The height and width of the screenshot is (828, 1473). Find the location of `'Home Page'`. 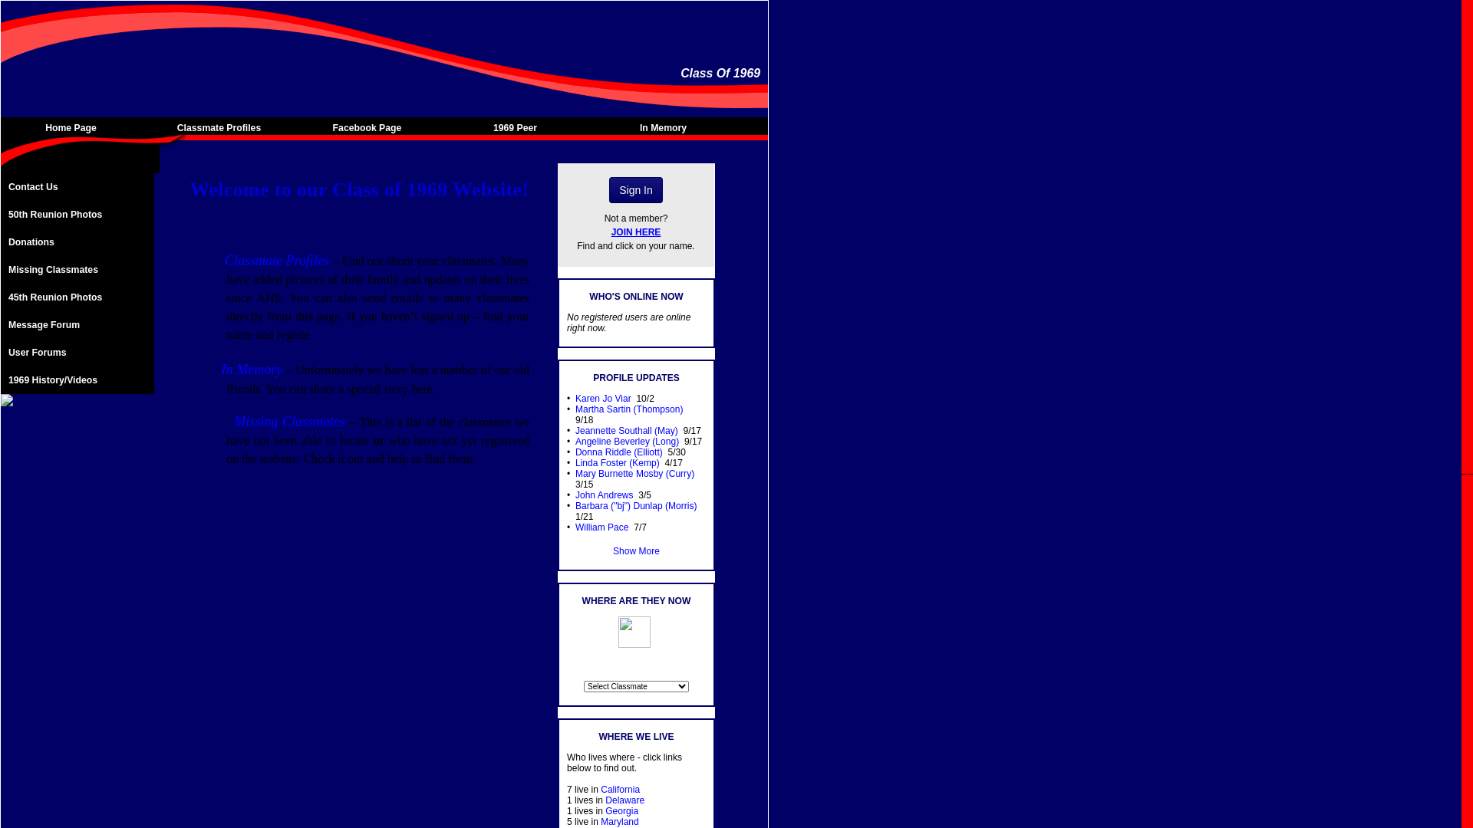

'Home Page' is located at coordinates (74, 127).